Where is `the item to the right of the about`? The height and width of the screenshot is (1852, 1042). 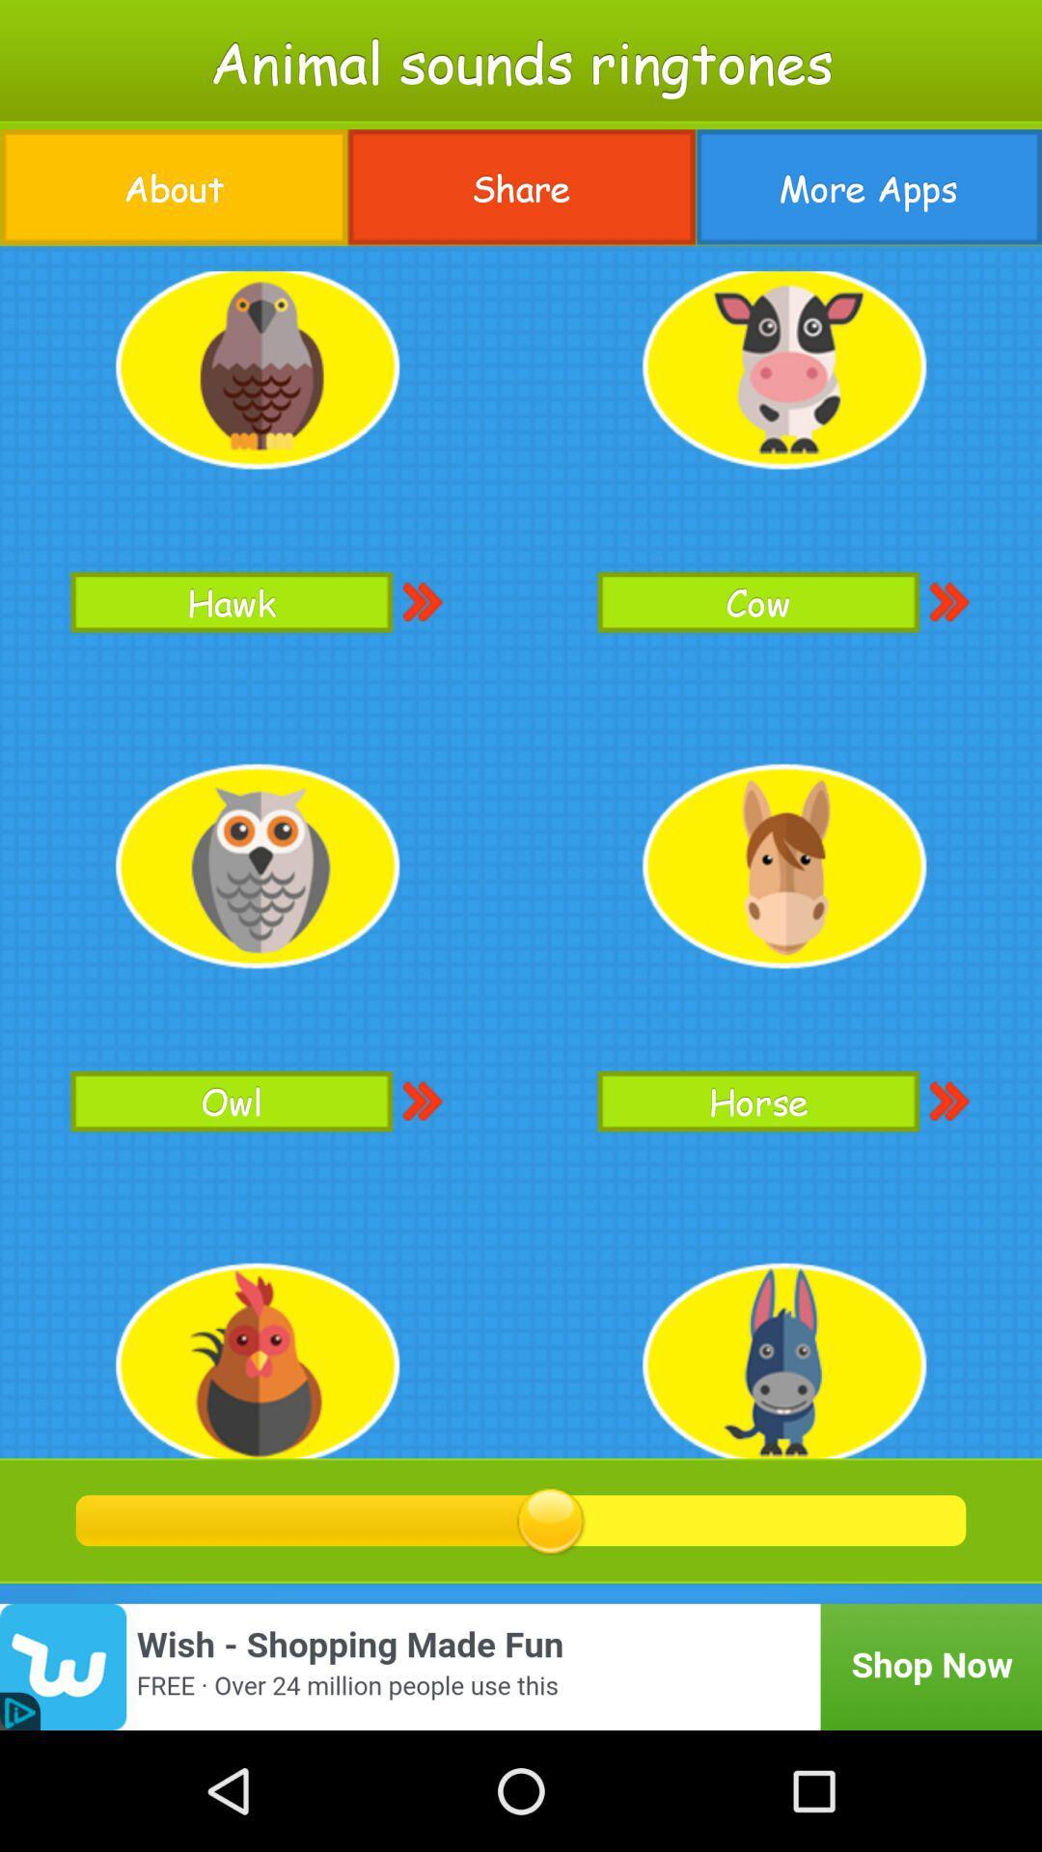 the item to the right of the about is located at coordinates (521, 187).